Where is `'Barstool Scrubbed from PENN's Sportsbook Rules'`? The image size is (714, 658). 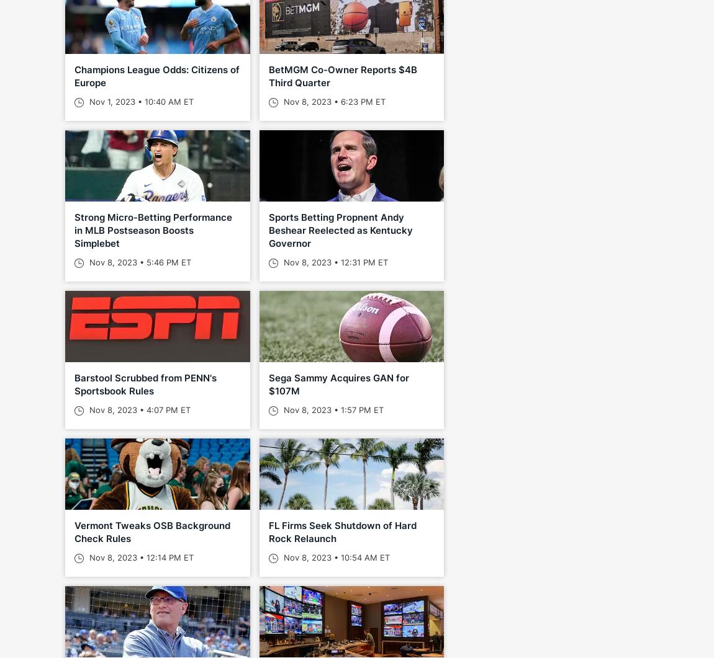 'Barstool Scrubbed from PENN's Sportsbook Rules' is located at coordinates (73, 384).